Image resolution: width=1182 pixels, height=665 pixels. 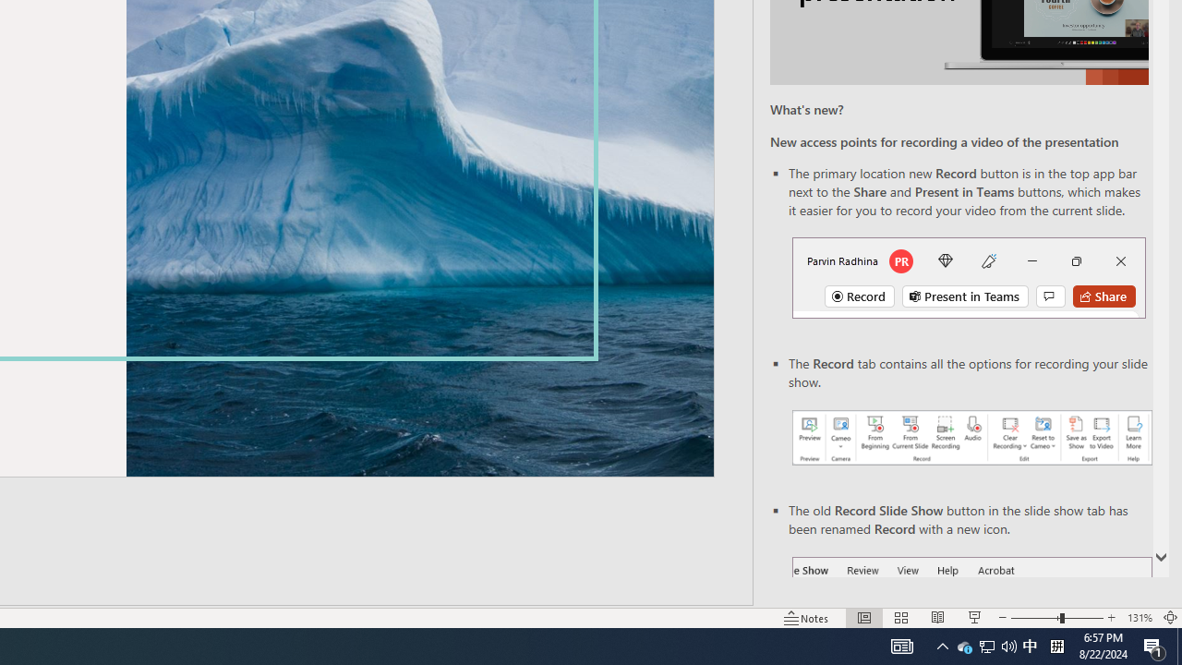 What do you see at coordinates (971, 438) in the screenshot?
I see `'Record your presentations screenshot one'` at bounding box center [971, 438].